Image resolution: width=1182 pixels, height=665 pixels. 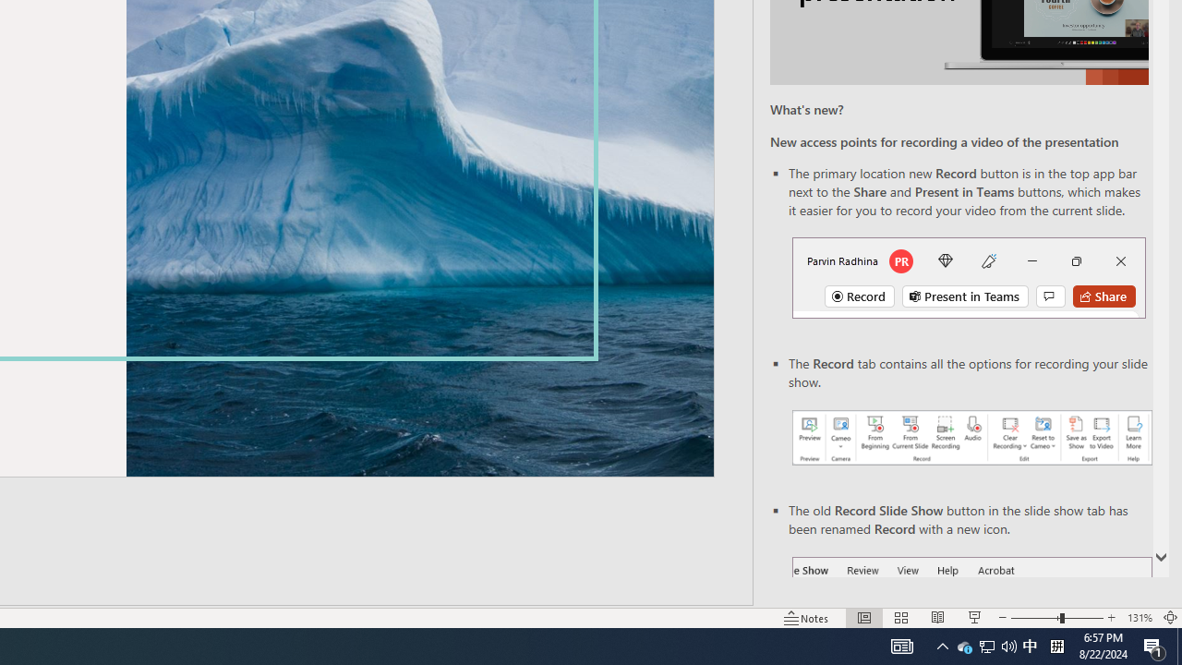 What do you see at coordinates (971, 438) in the screenshot?
I see `'Record your presentations screenshot one'` at bounding box center [971, 438].